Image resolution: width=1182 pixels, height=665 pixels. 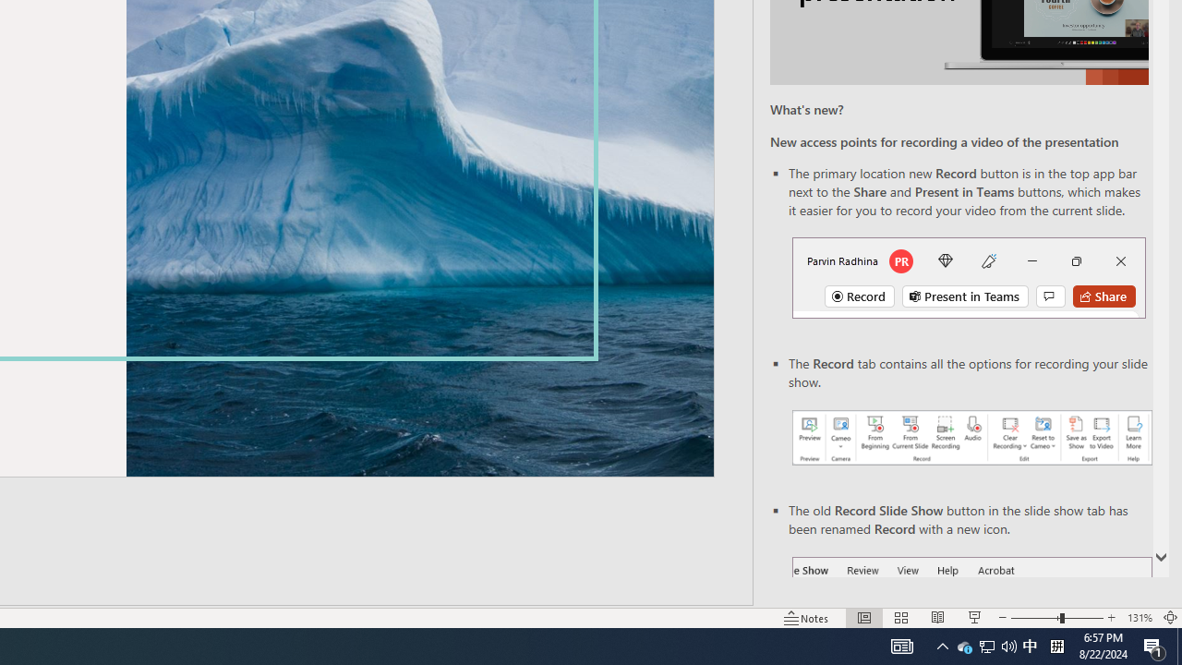 What do you see at coordinates (971, 438) in the screenshot?
I see `'Record your presentations screenshot one'` at bounding box center [971, 438].